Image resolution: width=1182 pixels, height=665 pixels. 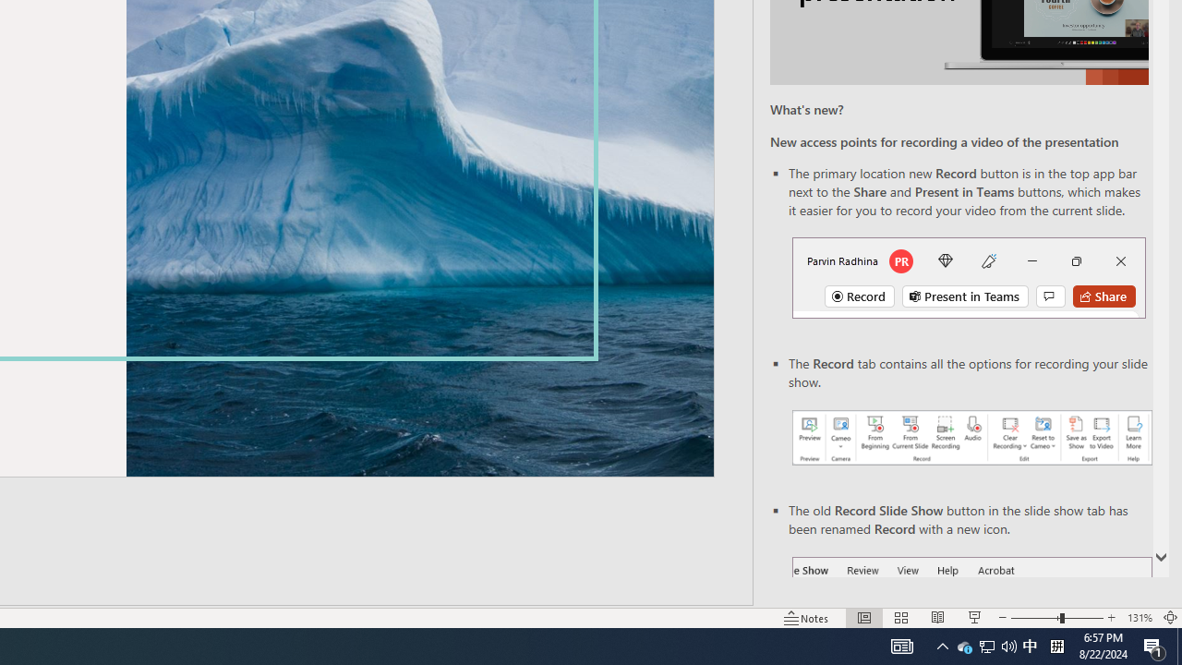 What do you see at coordinates (971, 438) in the screenshot?
I see `'Record your presentations screenshot one'` at bounding box center [971, 438].